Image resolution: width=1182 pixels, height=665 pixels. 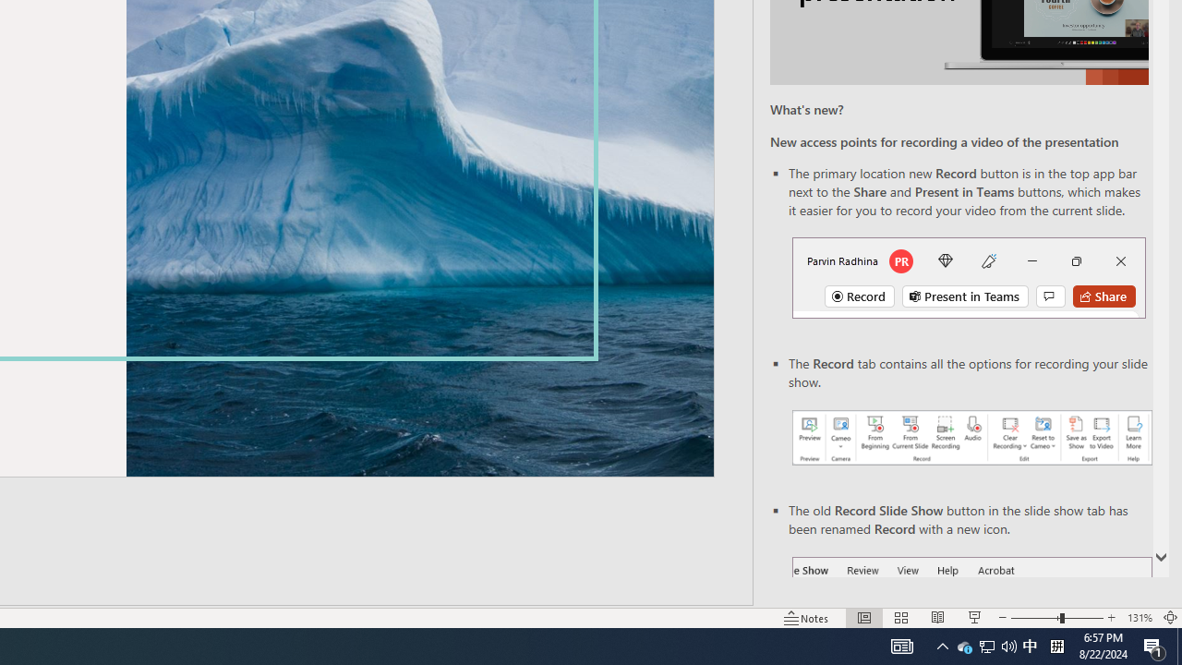 What do you see at coordinates (971, 438) in the screenshot?
I see `'Record your presentations screenshot one'` at bounding box center [971, 438].